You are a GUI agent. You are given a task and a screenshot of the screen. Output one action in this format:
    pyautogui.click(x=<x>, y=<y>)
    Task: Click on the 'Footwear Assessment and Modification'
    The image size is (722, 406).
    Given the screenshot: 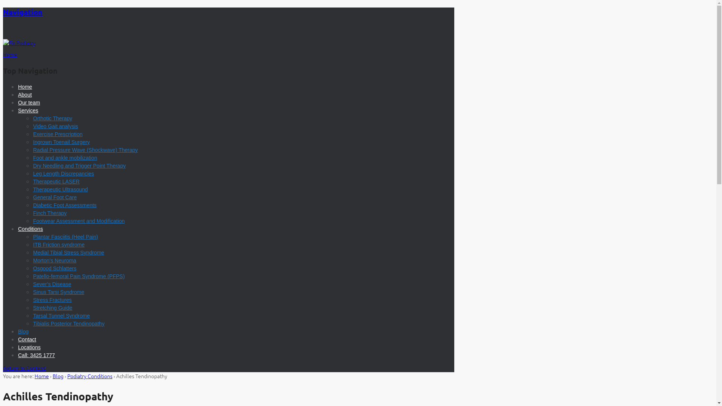 What is the action you would take?
    pyautogui.click(x=79, y=220)
    